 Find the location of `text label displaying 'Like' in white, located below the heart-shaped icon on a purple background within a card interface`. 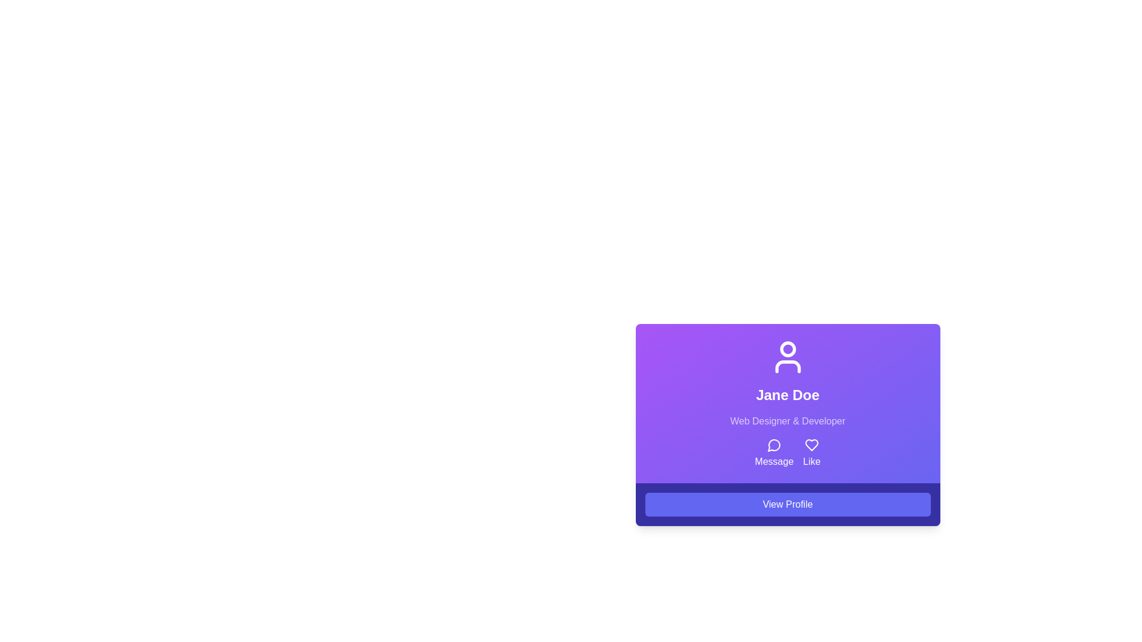

text label displaying 'Like' in white, located below the heart-shaped icon on a purple background within a card interface is located at coordinates (811, 461).